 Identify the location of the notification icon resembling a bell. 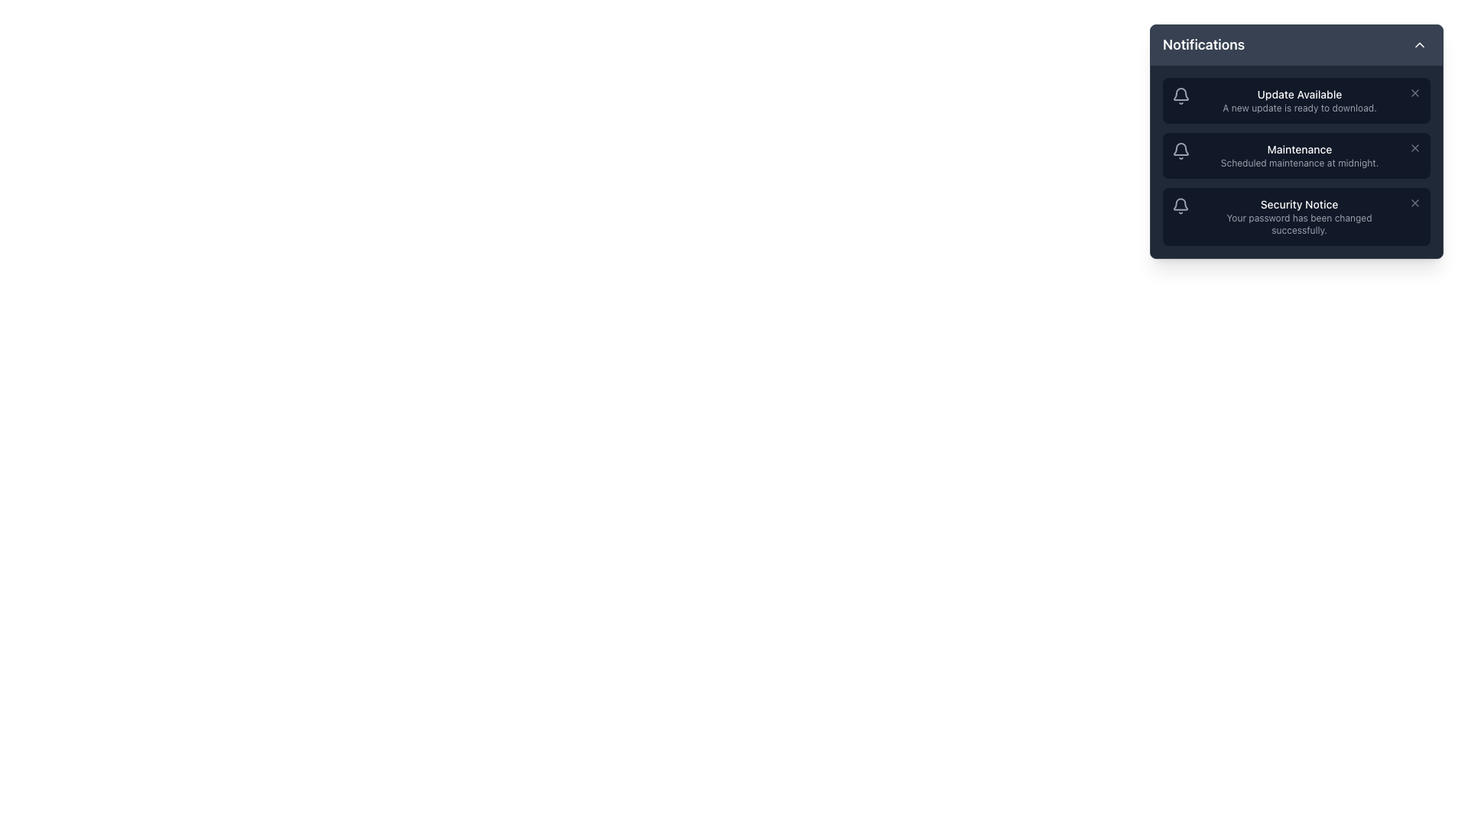
(1181, 150).